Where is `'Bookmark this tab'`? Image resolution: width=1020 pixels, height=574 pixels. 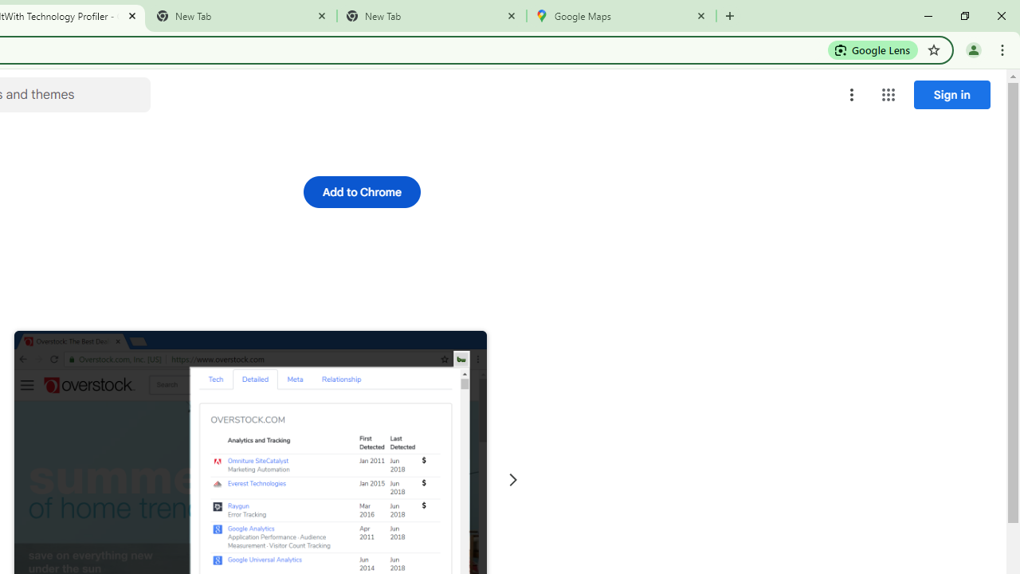 'Bookmark this tab' is located at coordinates (933, 49).